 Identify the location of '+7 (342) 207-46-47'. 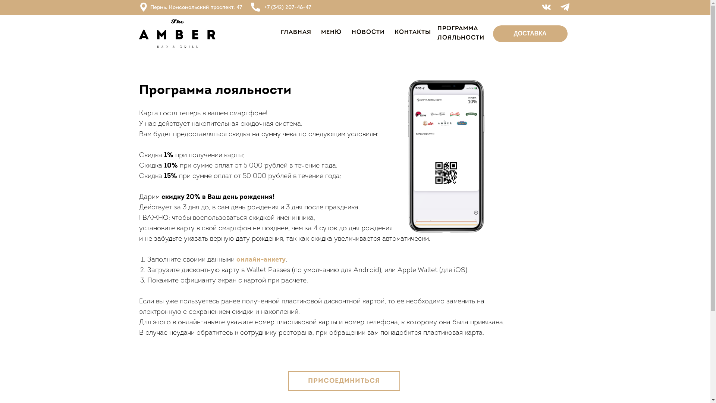
(264, 7).